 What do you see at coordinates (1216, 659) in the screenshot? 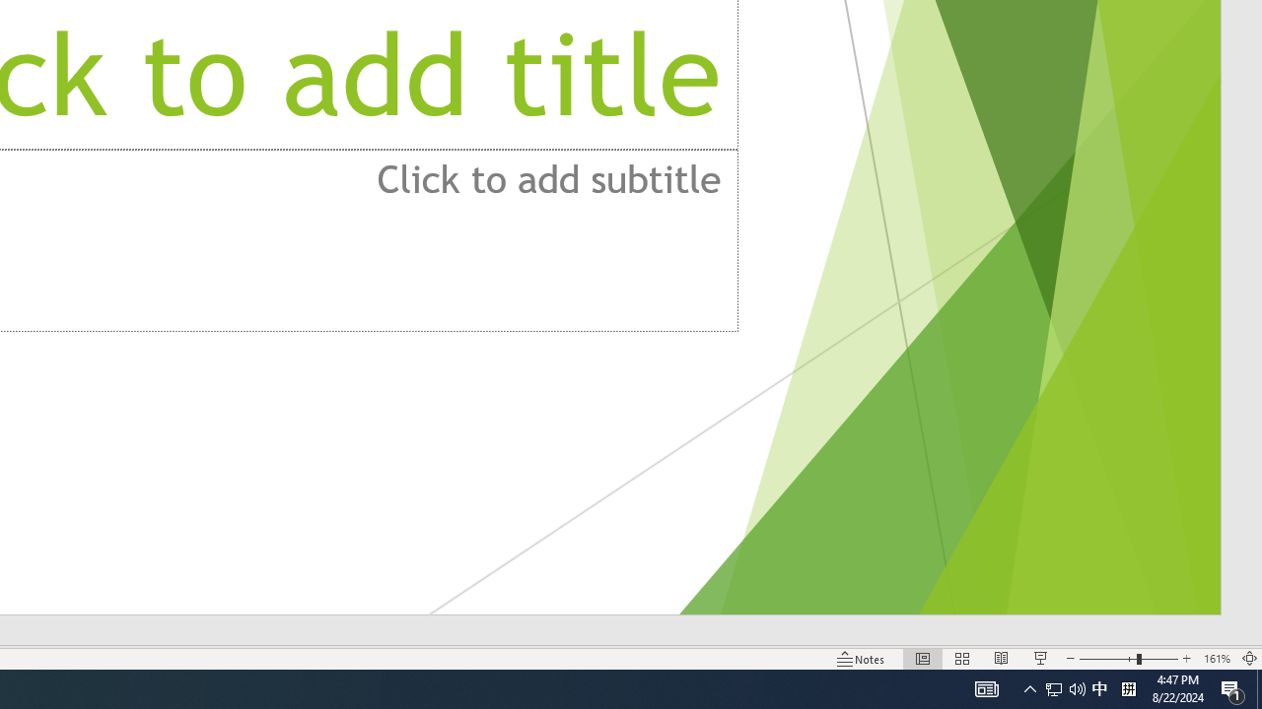
I see `'Zoom 161%'` at bounding box center [1216, 659].